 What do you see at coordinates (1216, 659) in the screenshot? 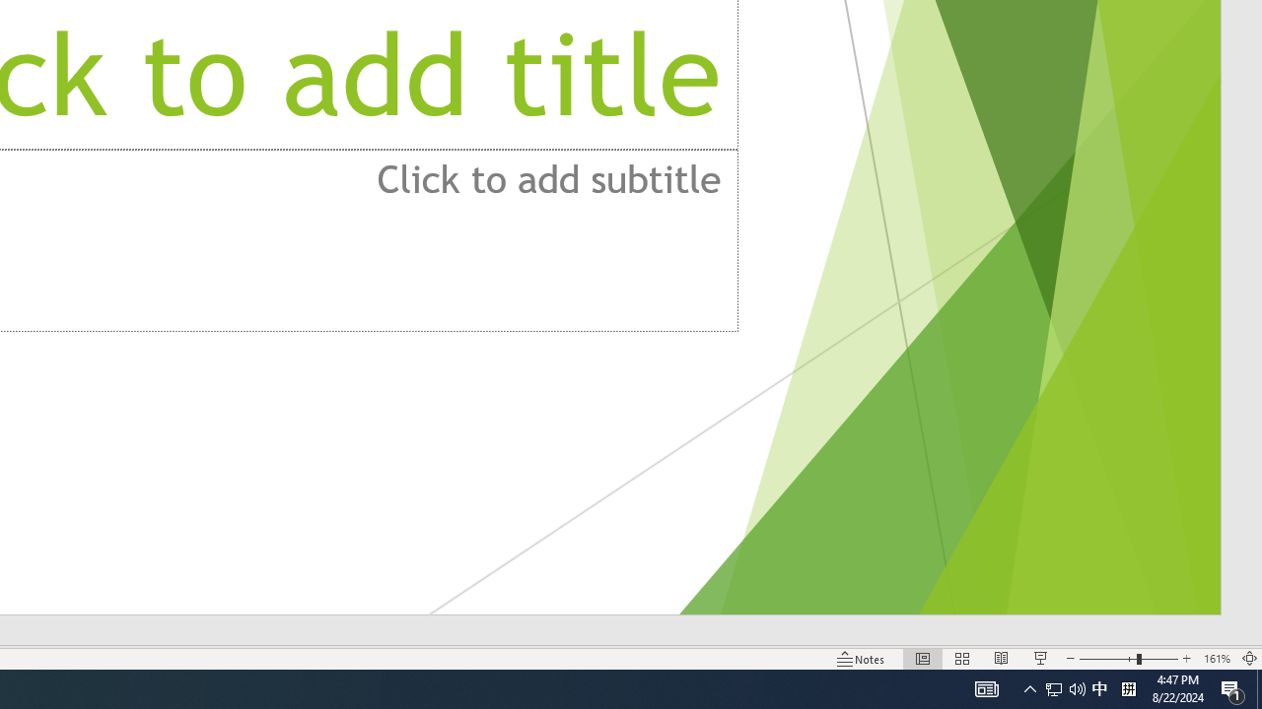
I see `'Zoom 161%'` at bounding box center [1216, 659].